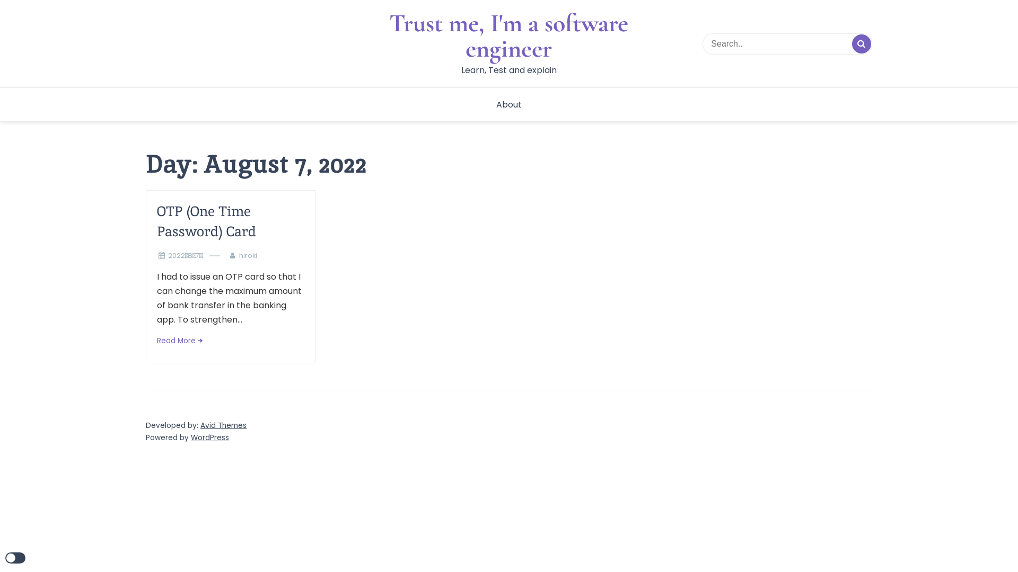 This screenshot has height=572, width=1018. Describe the element at coordinates (223, 425) in the screenshot. I see `'Avid Themes'` at that location.